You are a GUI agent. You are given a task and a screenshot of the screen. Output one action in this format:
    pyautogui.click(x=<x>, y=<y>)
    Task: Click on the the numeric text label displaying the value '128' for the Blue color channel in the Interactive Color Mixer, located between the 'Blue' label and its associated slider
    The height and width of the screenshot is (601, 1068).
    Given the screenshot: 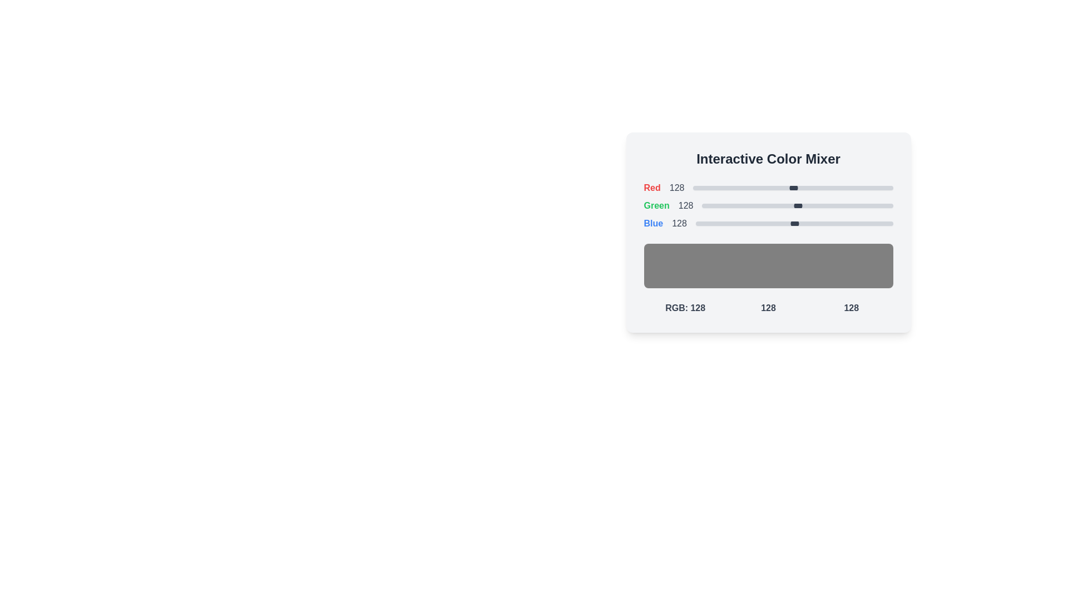 What is the action you would take?
    pyautogui.click(x=679, y=223)
    